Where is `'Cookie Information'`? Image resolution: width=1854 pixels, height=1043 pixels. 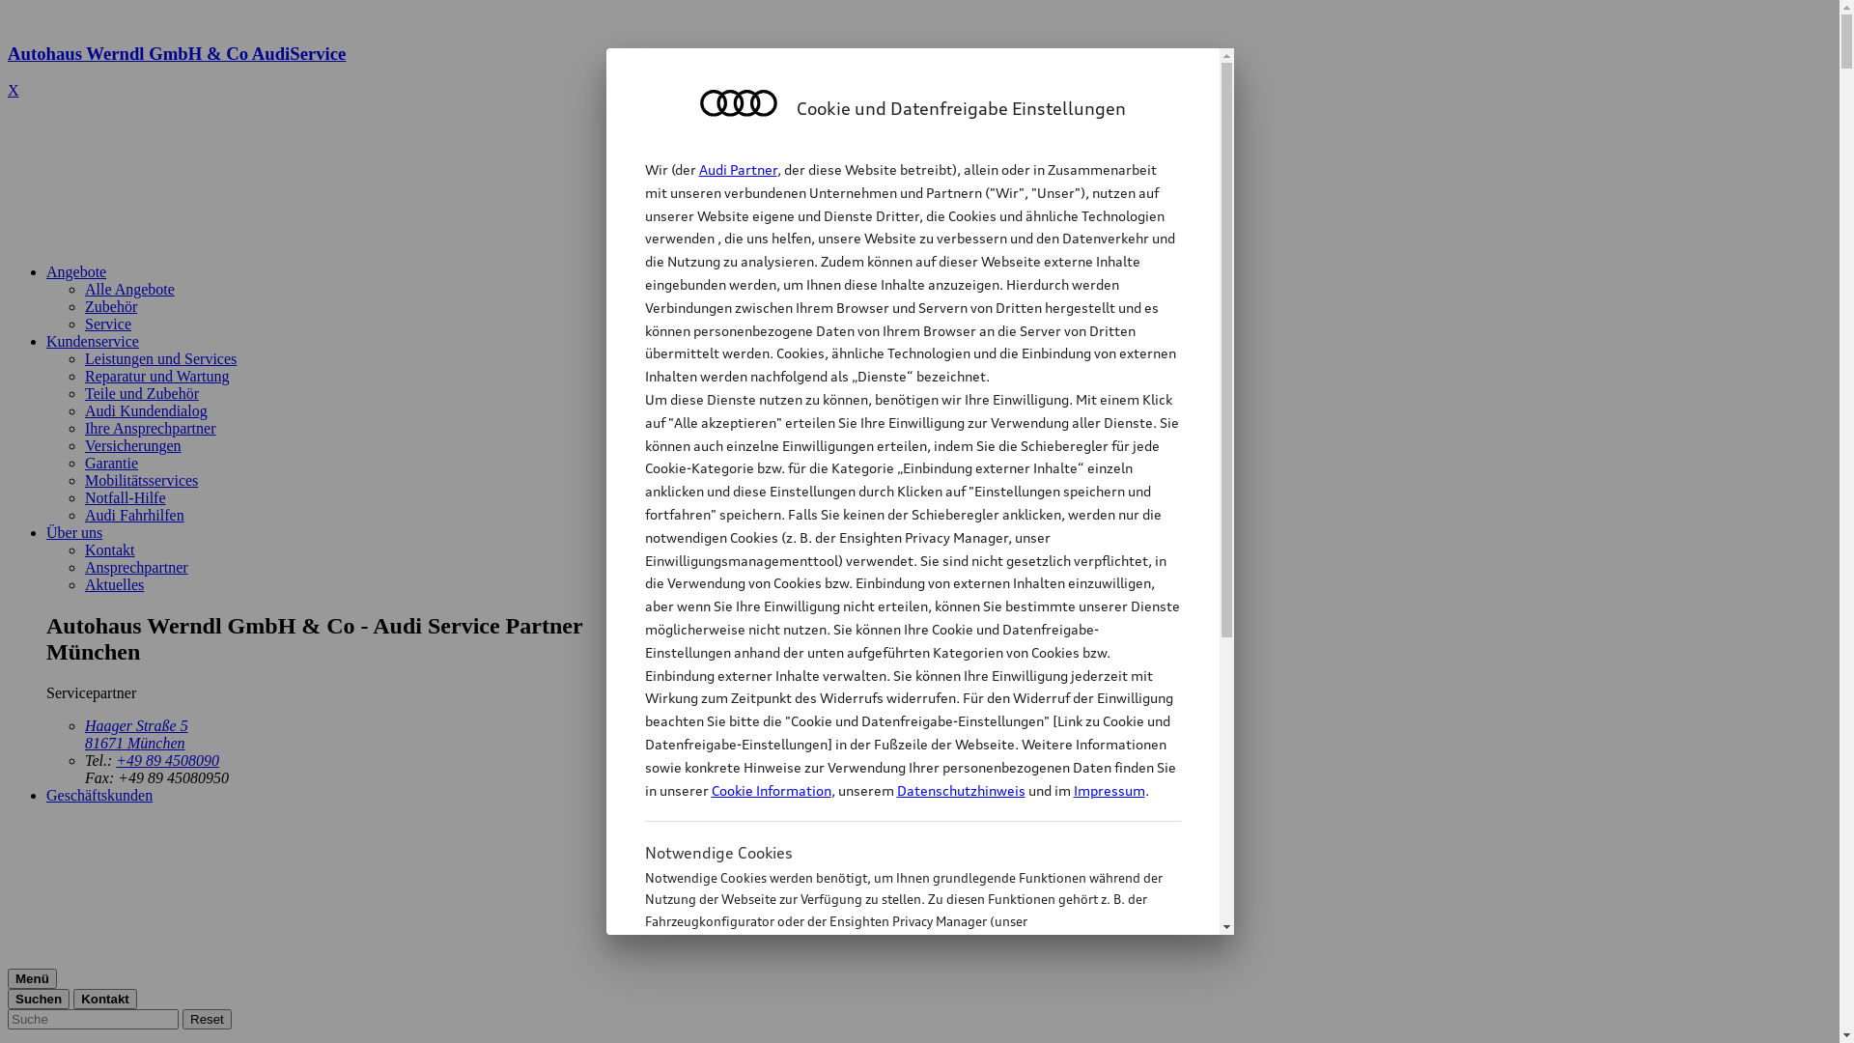 'Cookie Information' is located at coordinates (890, 1016).